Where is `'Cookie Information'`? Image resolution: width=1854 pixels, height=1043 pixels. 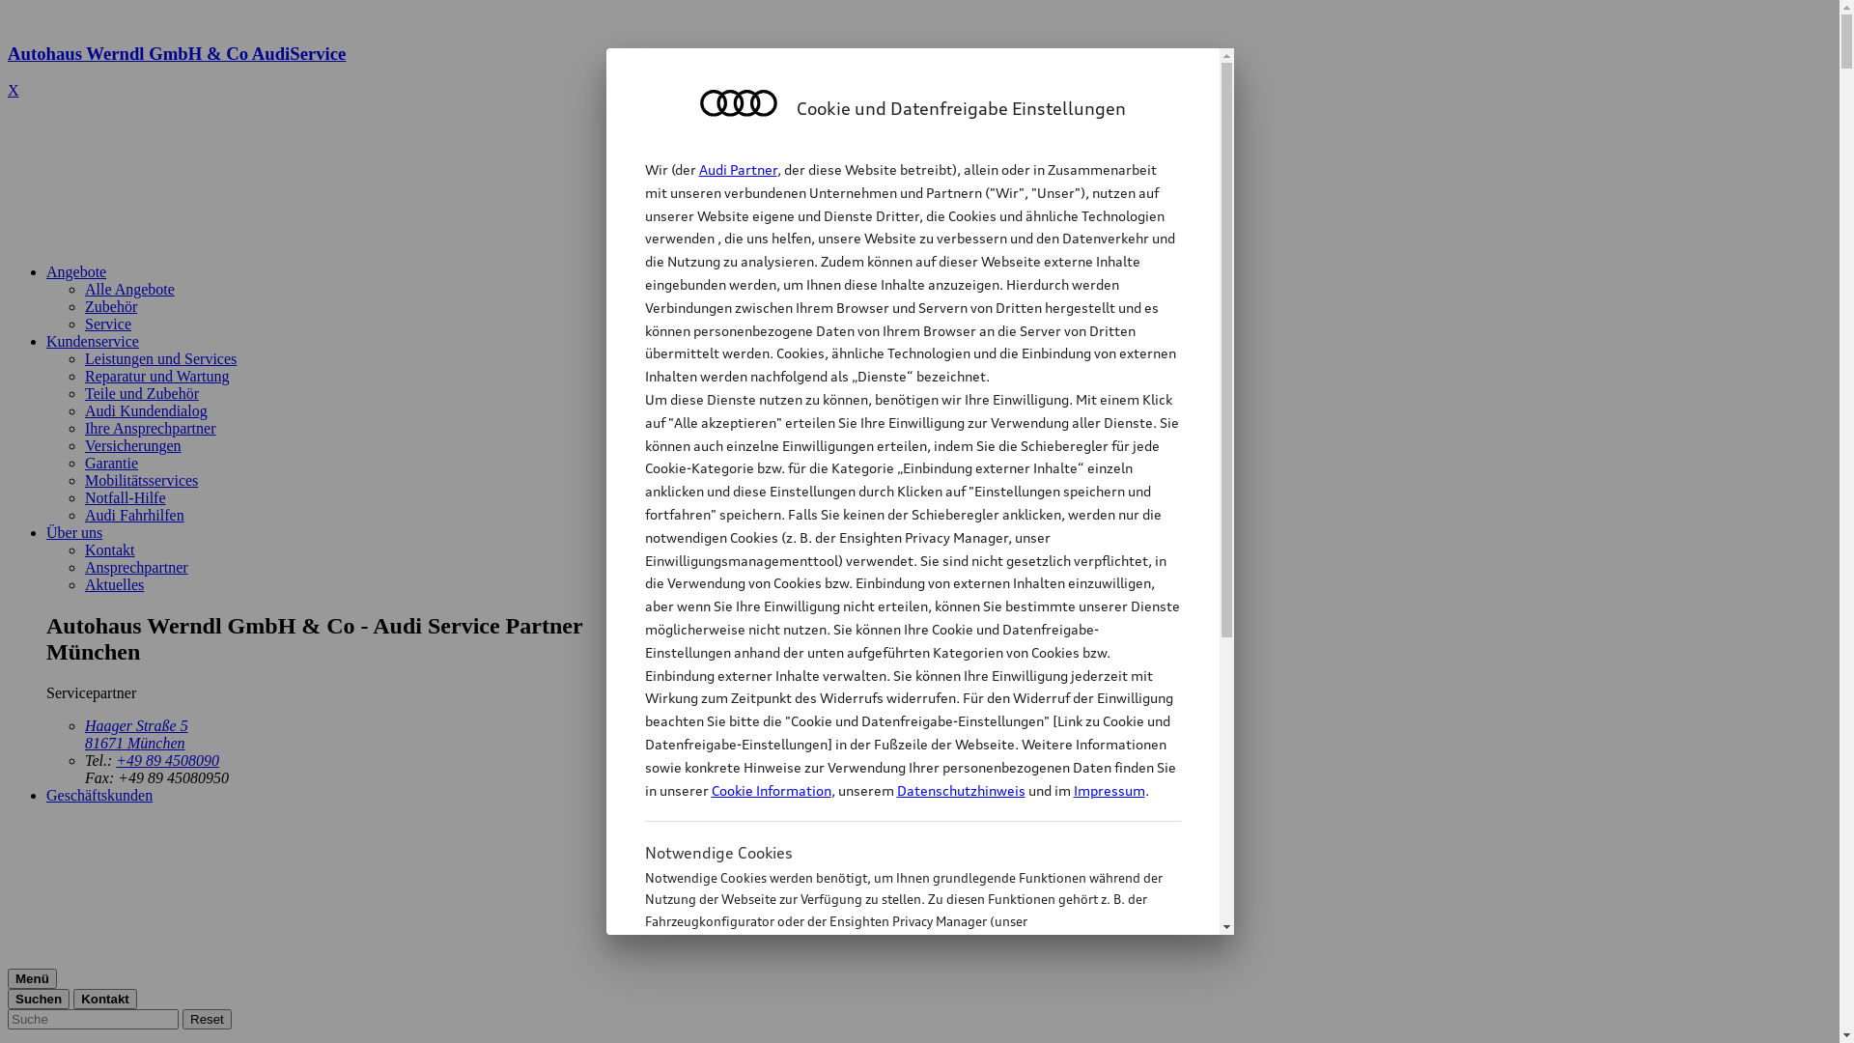 'Cookie Information' is located at coordinates (890, 1016).